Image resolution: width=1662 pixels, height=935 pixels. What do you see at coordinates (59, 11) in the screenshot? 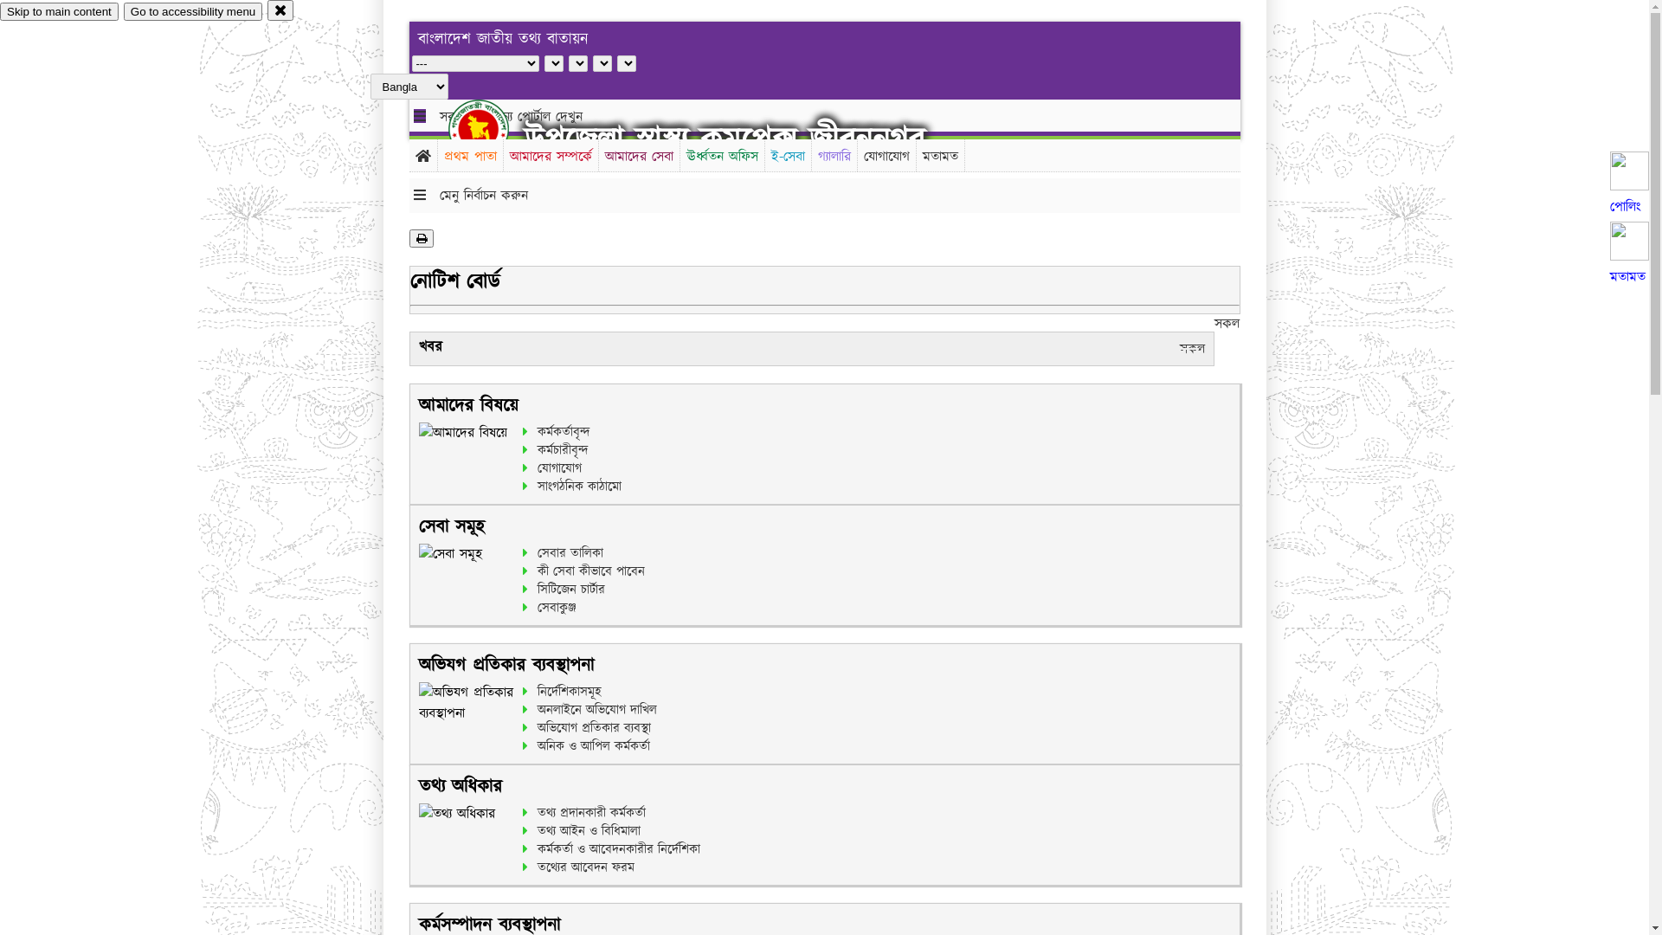
I see `'Skip to main content'` at bounding box center [59, 11].